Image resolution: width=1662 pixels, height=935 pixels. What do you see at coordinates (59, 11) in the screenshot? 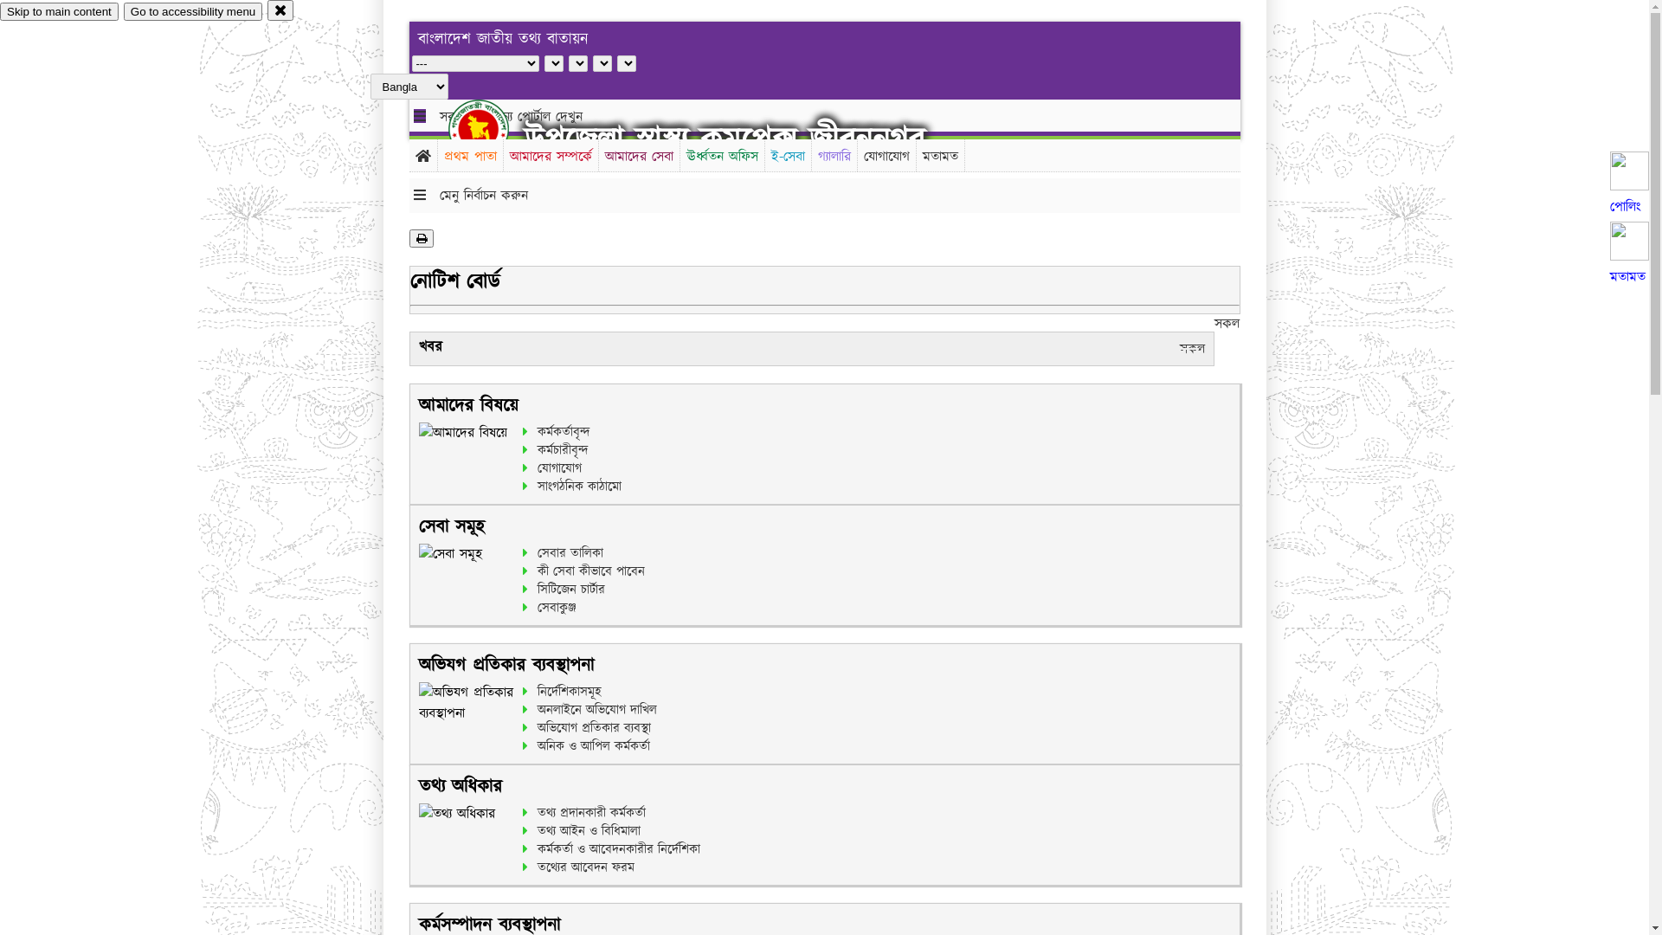
I see `'Skip to main content'` at bounding box center [59, 11].